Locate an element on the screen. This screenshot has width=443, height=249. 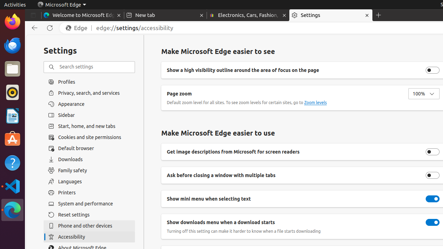
'Privacy, search, and services' is located at coordinates (89, 92).